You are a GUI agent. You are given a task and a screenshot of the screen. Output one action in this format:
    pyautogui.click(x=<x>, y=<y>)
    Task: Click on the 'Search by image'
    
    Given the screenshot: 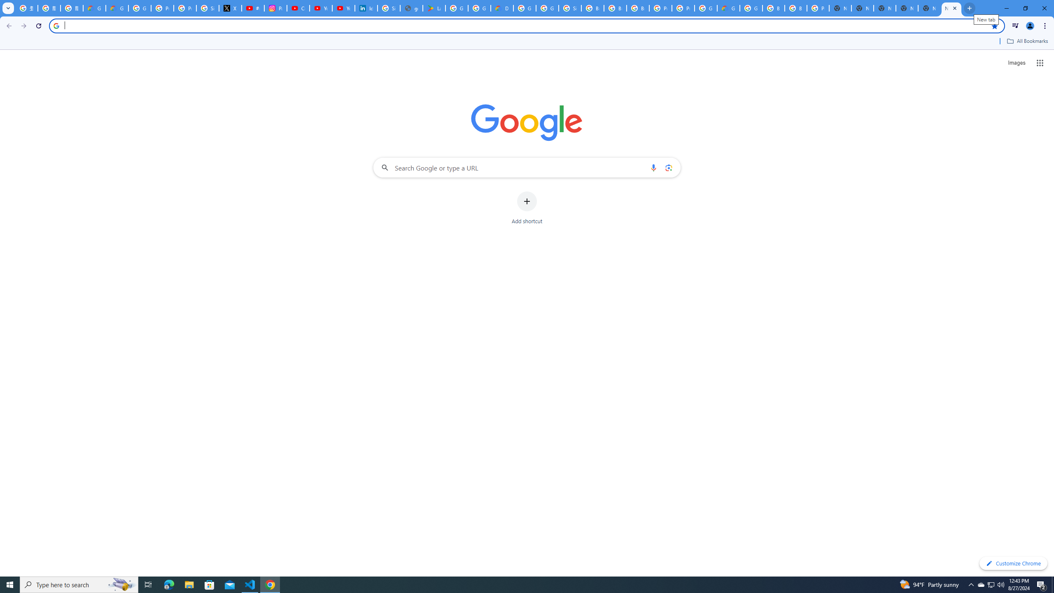 What is the action you would take?
    pyautogui.click(x=668, y=167)
    